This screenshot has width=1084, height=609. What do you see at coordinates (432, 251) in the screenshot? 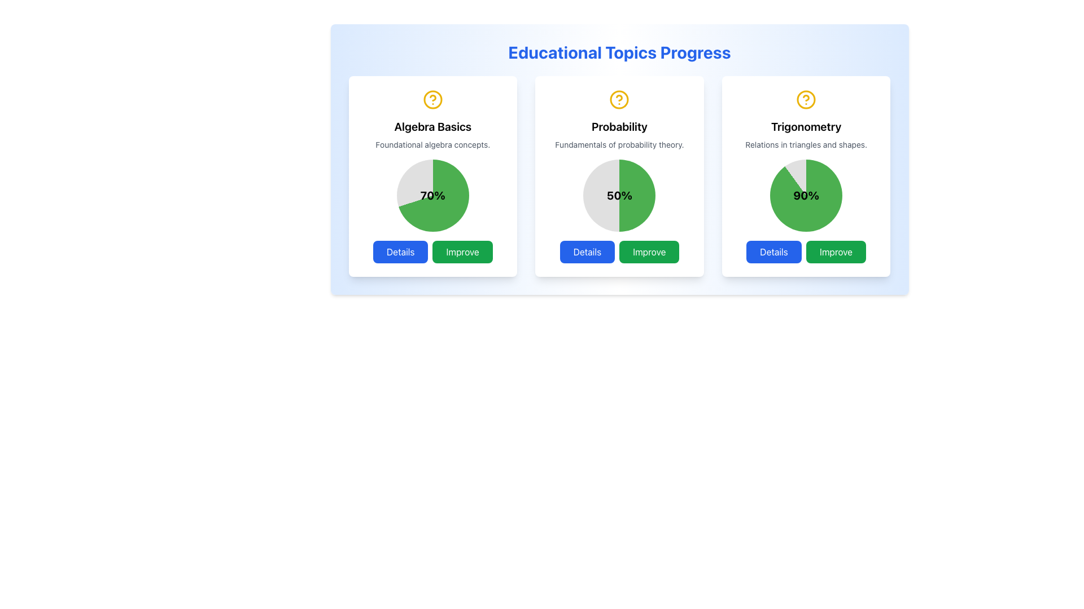
I see `the 'Details' and 'Improve' buttons in the button group located at the bottom section of the 'Algebra Basics' card for tooltip or feedback` at bounding box center [432, 251].